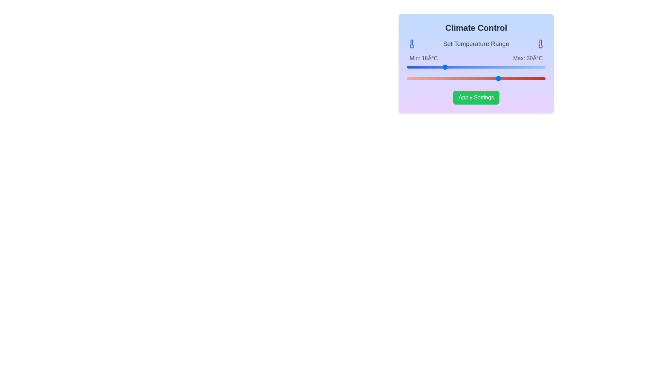 The height and width of the screenshot is (374, 665). Describe the element at coordinates (434, 67) in the screenshot. I see `the left slider to set the minimum temperature to 16°C` at that location.